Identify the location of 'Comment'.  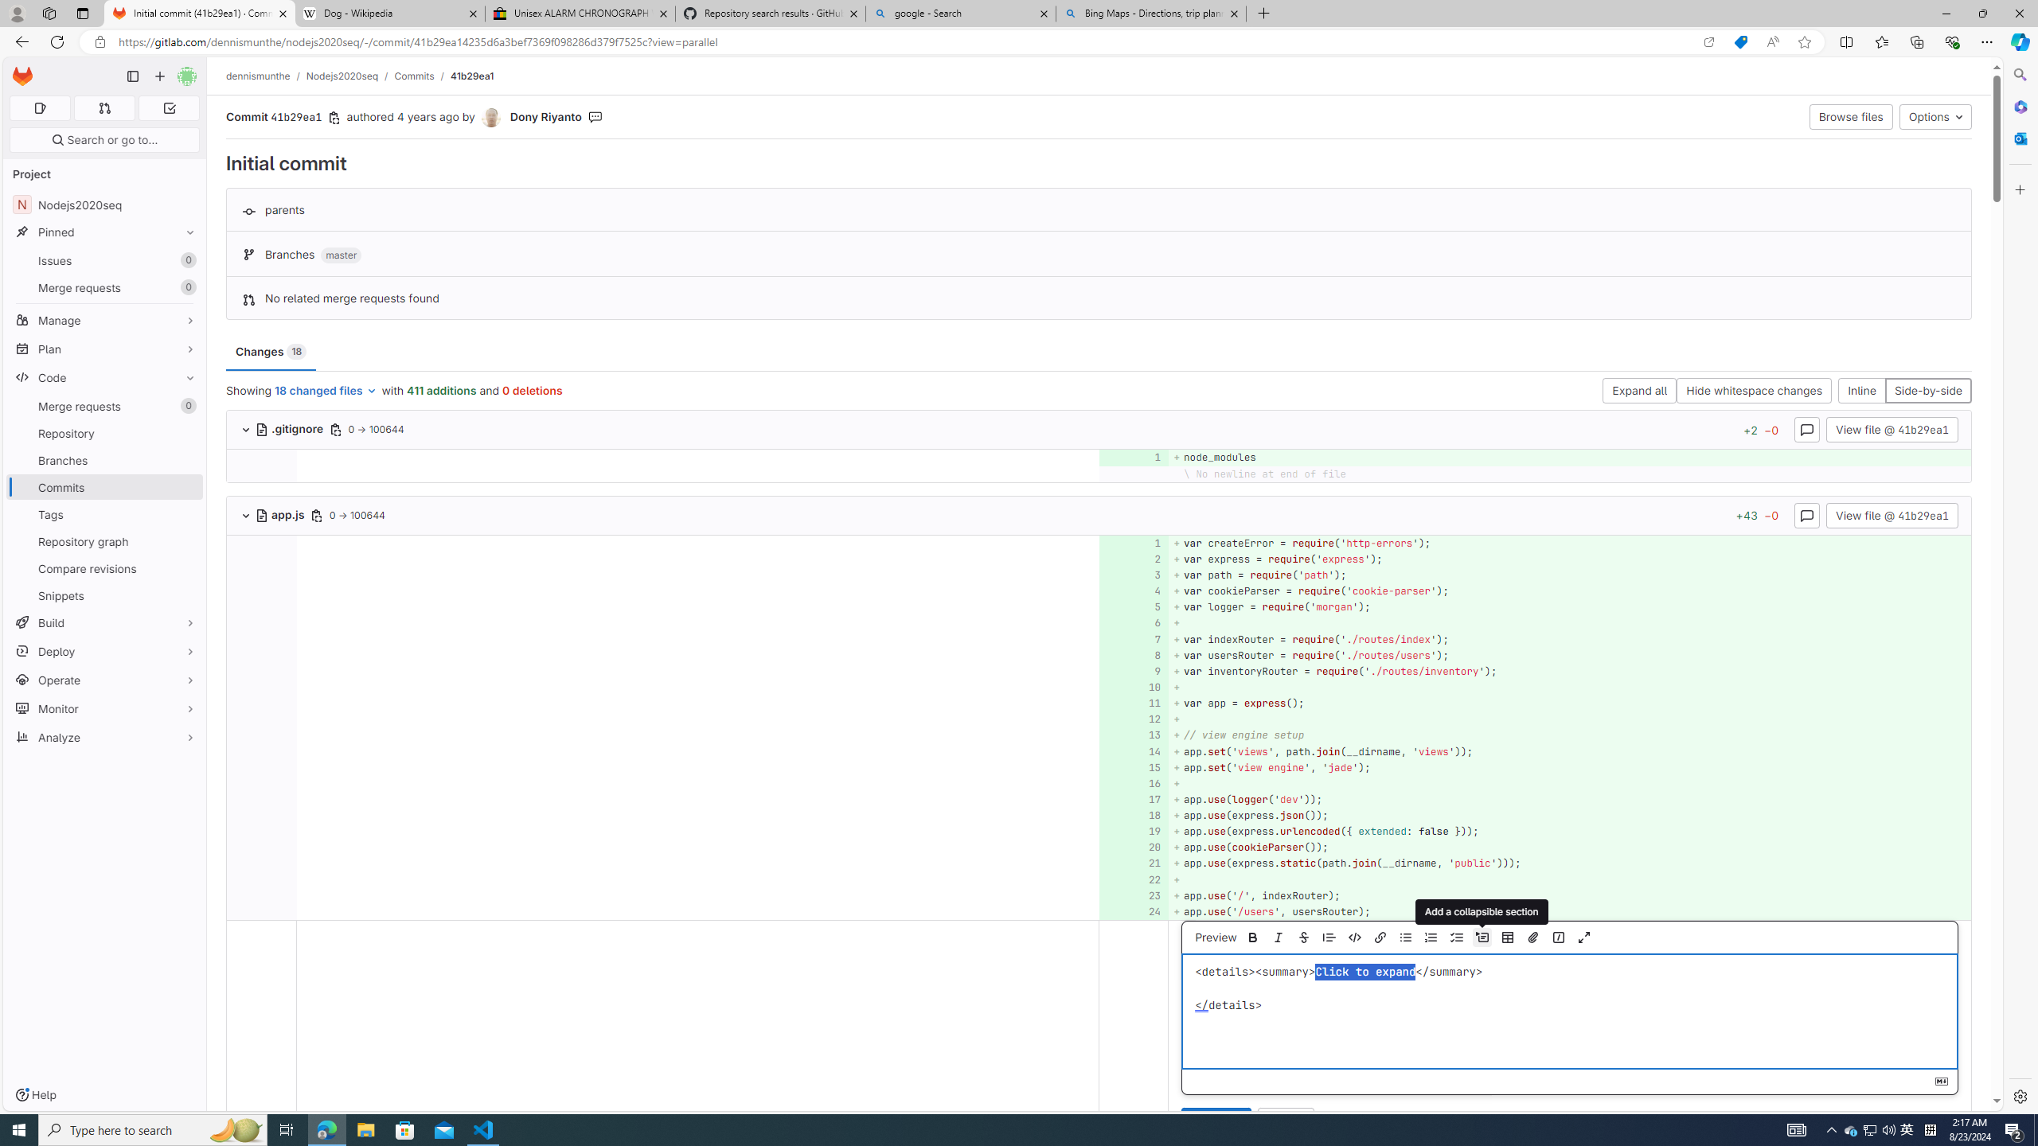
(1216, 1121).